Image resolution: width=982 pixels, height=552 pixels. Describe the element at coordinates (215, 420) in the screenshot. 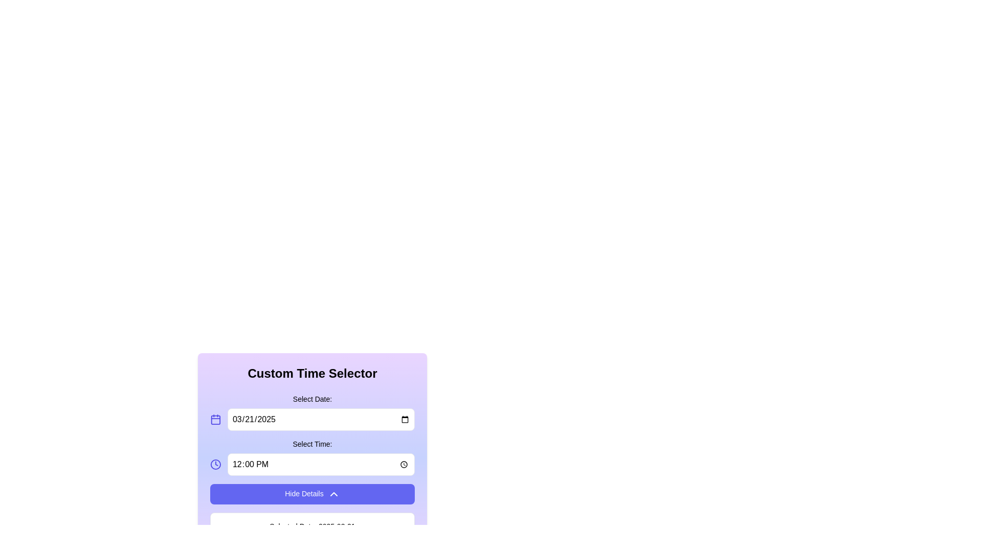

I see `the background rectangle of the calendar icon, which serves as the base for the icon and is positioned to the left of the 'Select Date' text field` at that location.